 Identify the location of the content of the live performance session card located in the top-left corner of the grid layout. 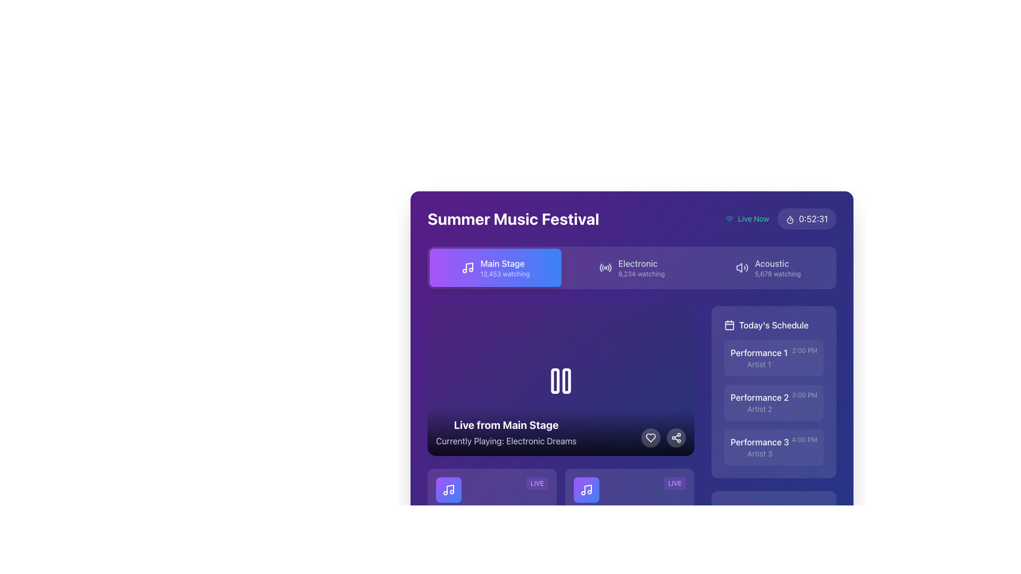
(491, 514).